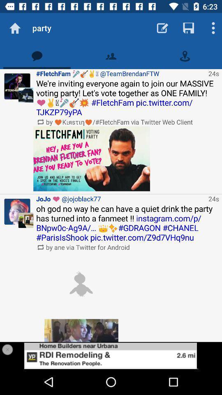 This screenshot has width=222, height=395. Describe the element at coordinates (120, 73) in the screenshot. I see `the icon next to the 24s` at that location.